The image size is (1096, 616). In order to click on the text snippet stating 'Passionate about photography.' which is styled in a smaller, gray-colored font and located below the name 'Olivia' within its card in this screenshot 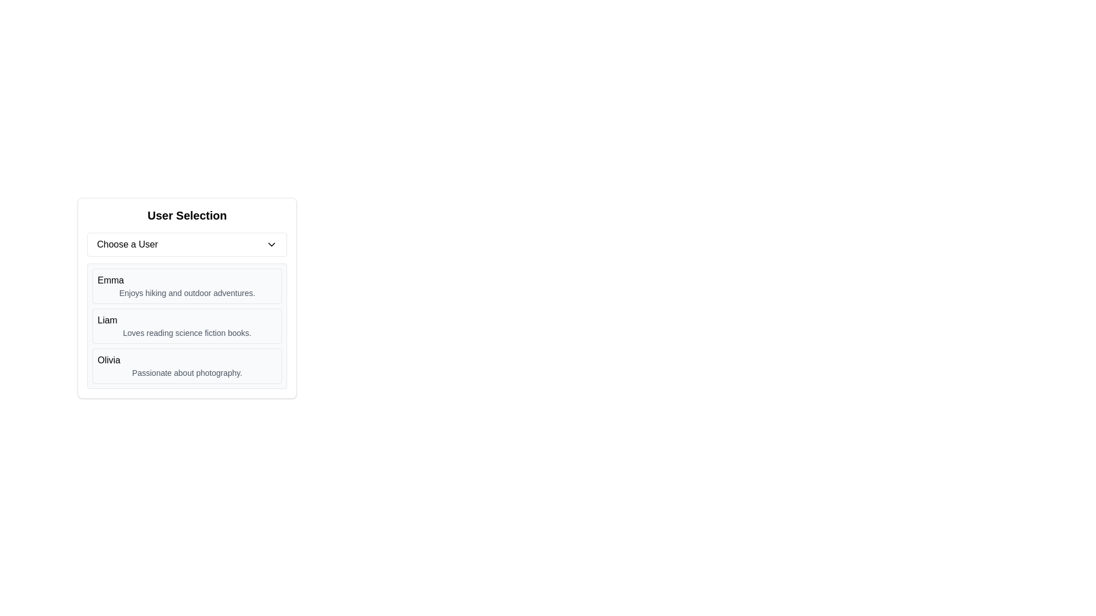, I will do `click(187, 373)`.